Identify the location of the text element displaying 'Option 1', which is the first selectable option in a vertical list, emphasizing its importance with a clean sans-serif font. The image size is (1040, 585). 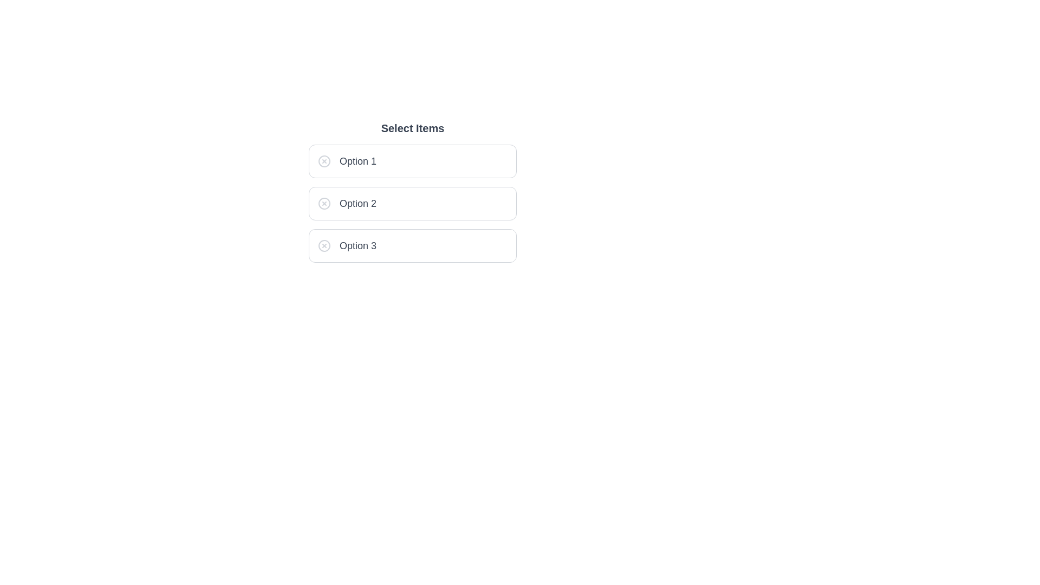
(358, 161).